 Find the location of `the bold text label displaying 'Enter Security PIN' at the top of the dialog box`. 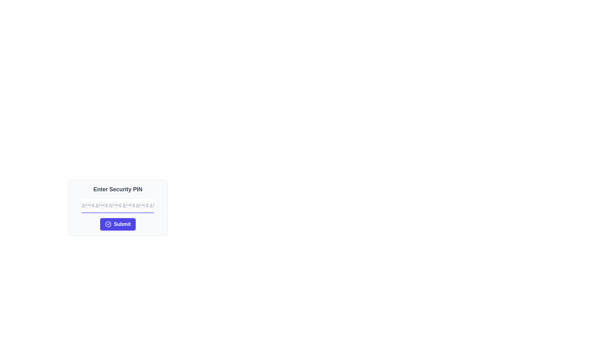

the bold text label displaying 'Enter Security PIN' at the top of the dialog box is located at coordinates (118, 189).